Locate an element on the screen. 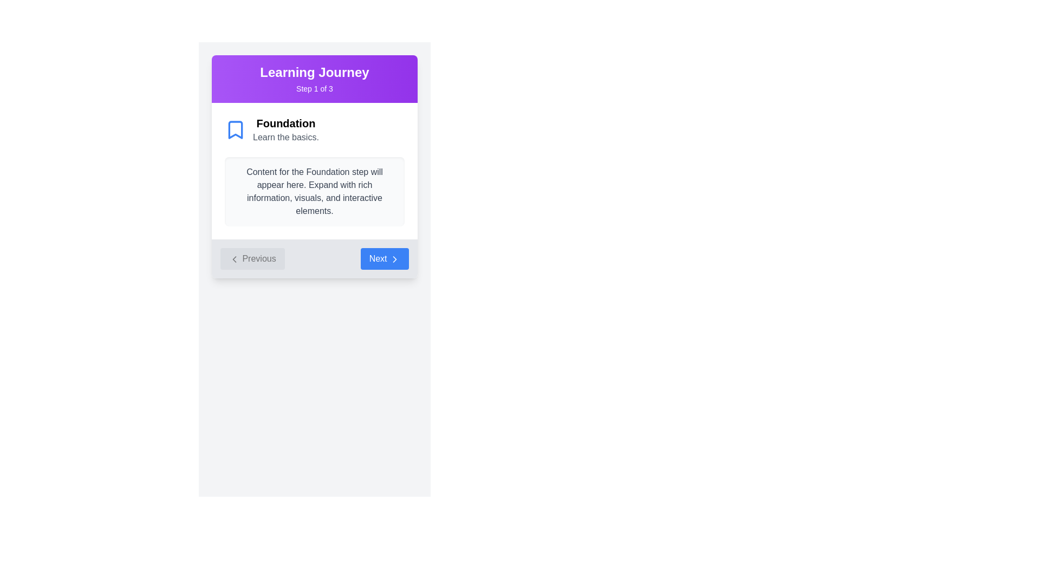 The width and height of the screenshot is (1040, 585). the Text label providing additional descriptive information about the topic 'Foundation', which is located under the heading 'Learning Journey' in the top-left area of the card is located at coordinates (286, 137).